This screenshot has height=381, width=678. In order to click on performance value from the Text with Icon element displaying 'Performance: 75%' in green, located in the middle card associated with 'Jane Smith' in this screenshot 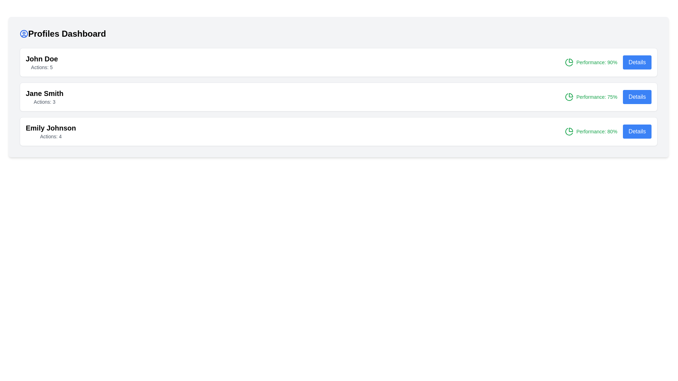, I will do `click(591, 97)`.